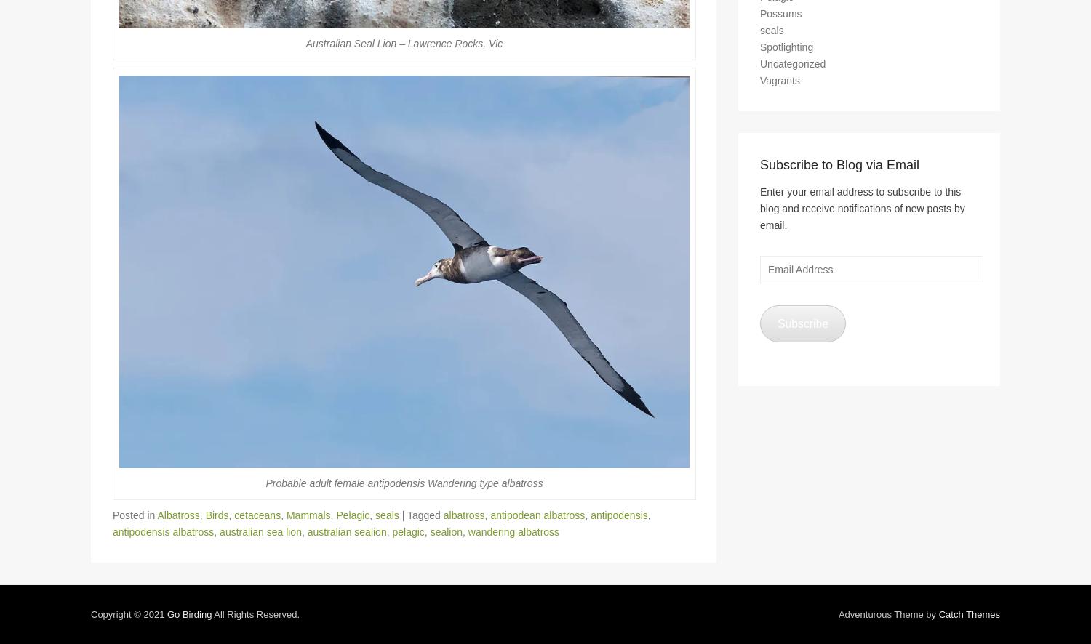  Describe the element at coordinates (513, 537) in the screenshot. I see `'wandering albatross'` at that location.